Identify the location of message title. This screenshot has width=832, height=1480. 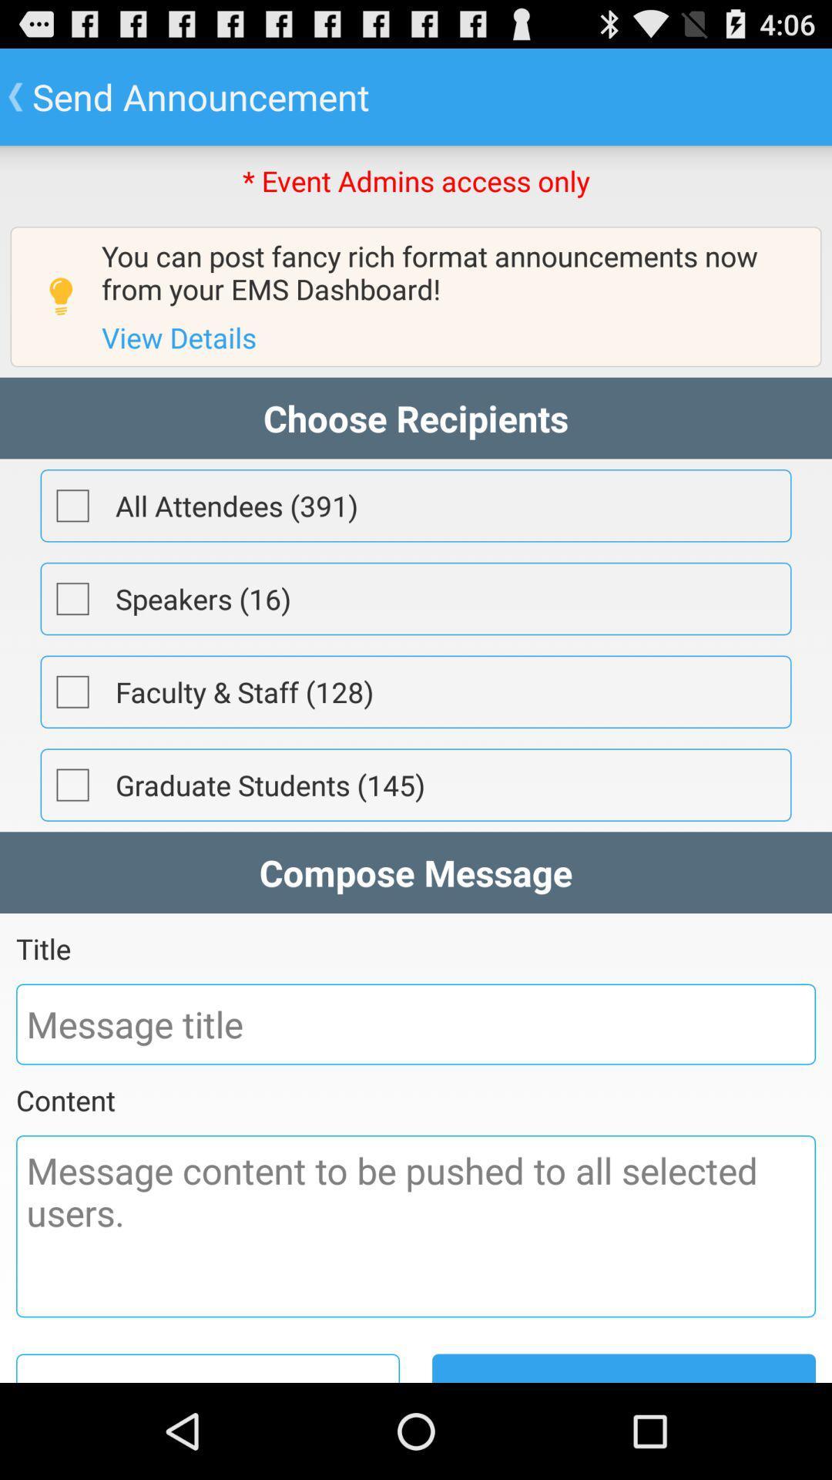
(416, 1024).